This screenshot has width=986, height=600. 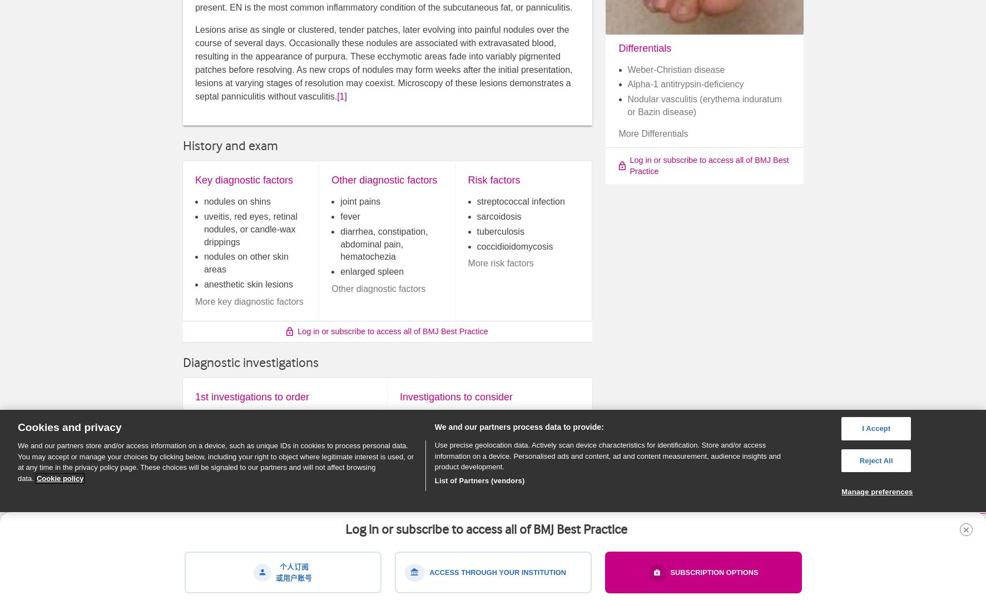 What do you see at coordinates (242, 179) in the screenshot?
I see `'Key diagnostic factors'` at bounding box center [242, 179].